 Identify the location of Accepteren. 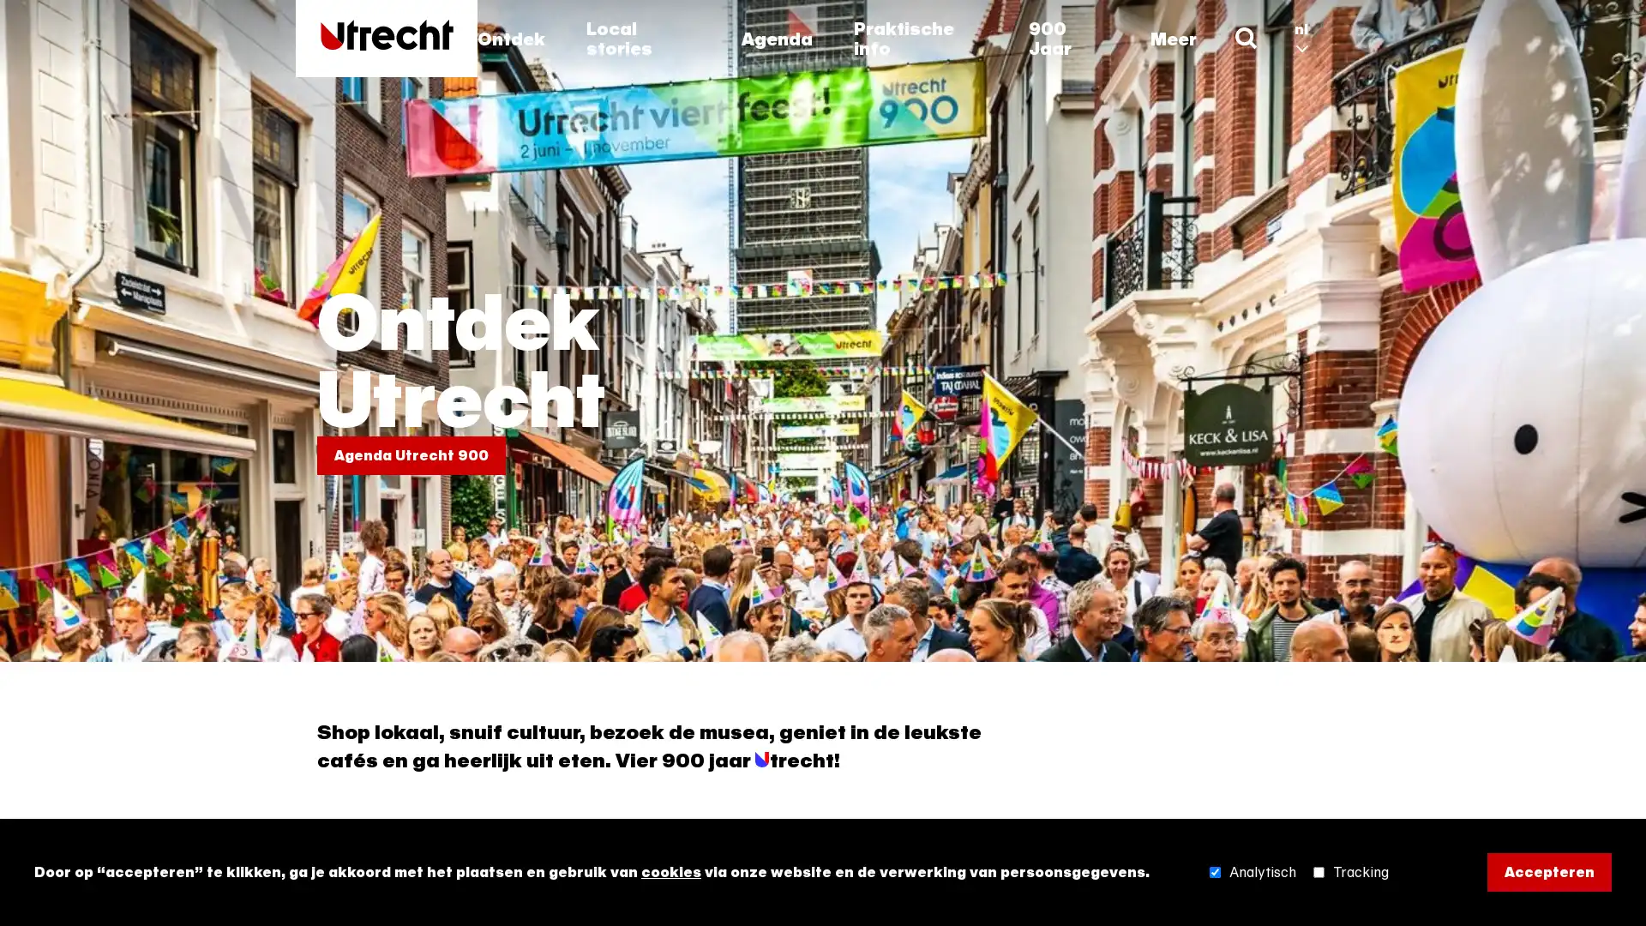
(1549, 872).